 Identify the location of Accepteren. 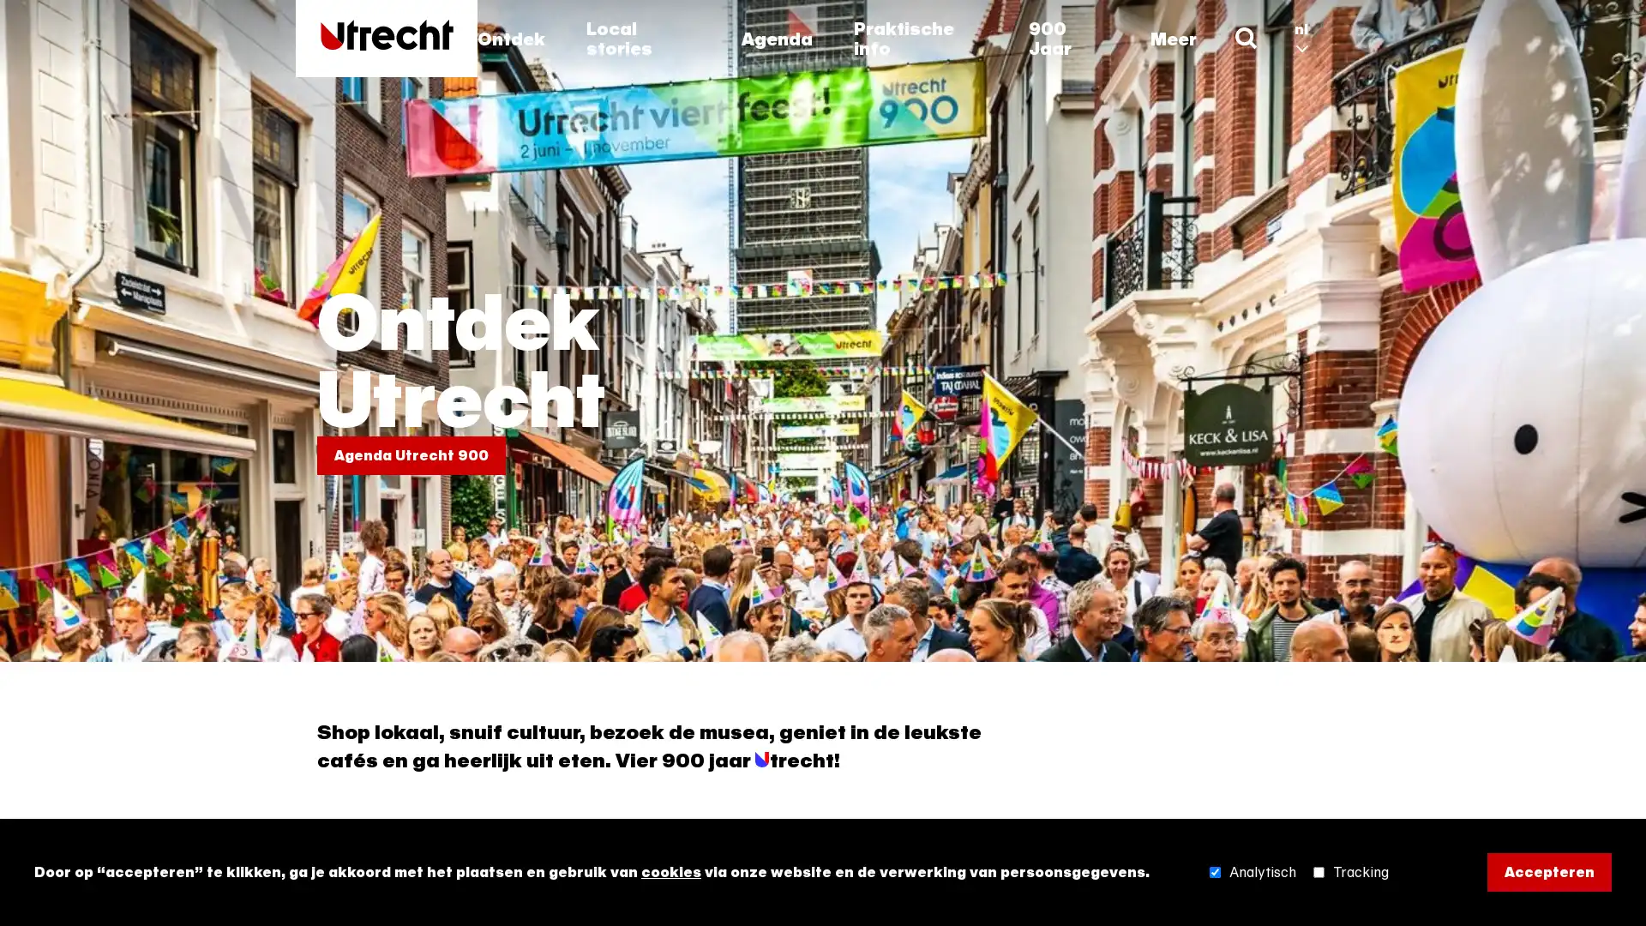
(1549, 872).